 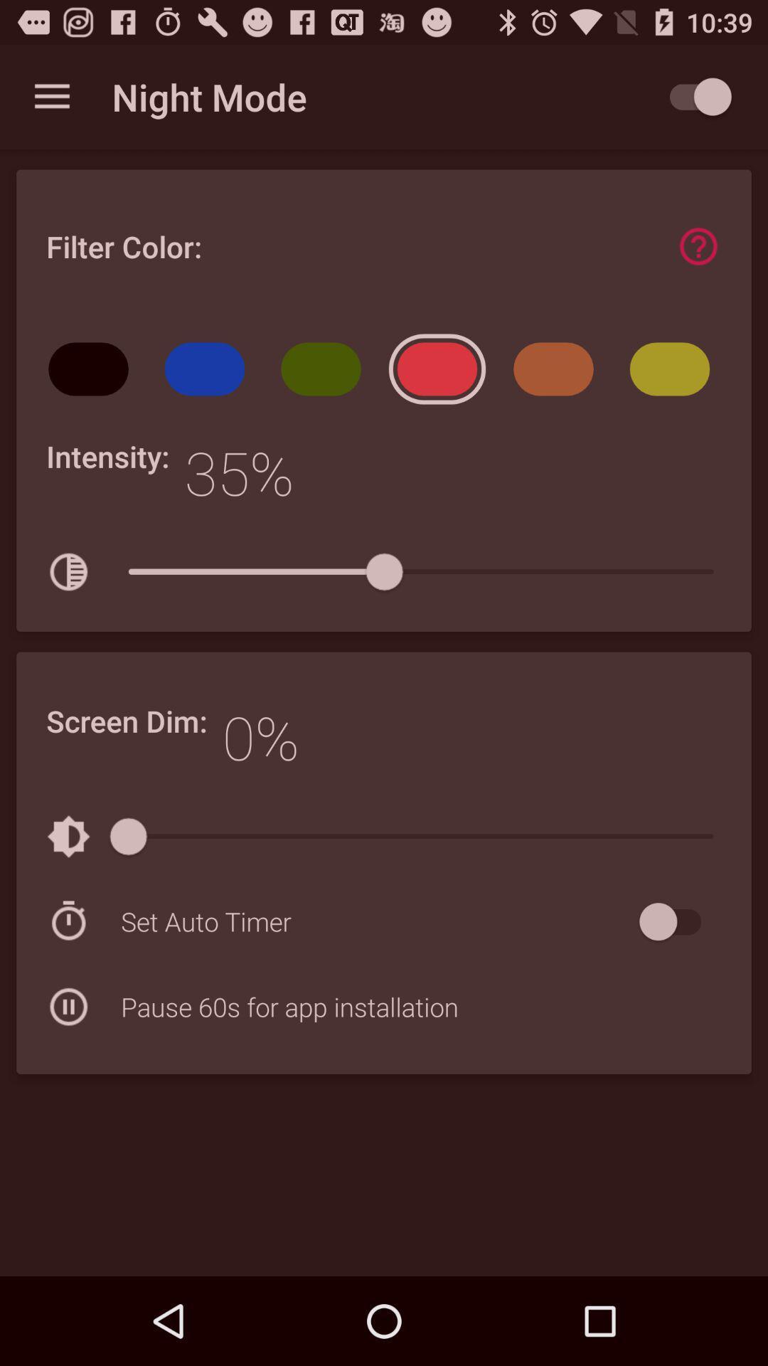 I want to click on find more information, so click(x=698, y=246).